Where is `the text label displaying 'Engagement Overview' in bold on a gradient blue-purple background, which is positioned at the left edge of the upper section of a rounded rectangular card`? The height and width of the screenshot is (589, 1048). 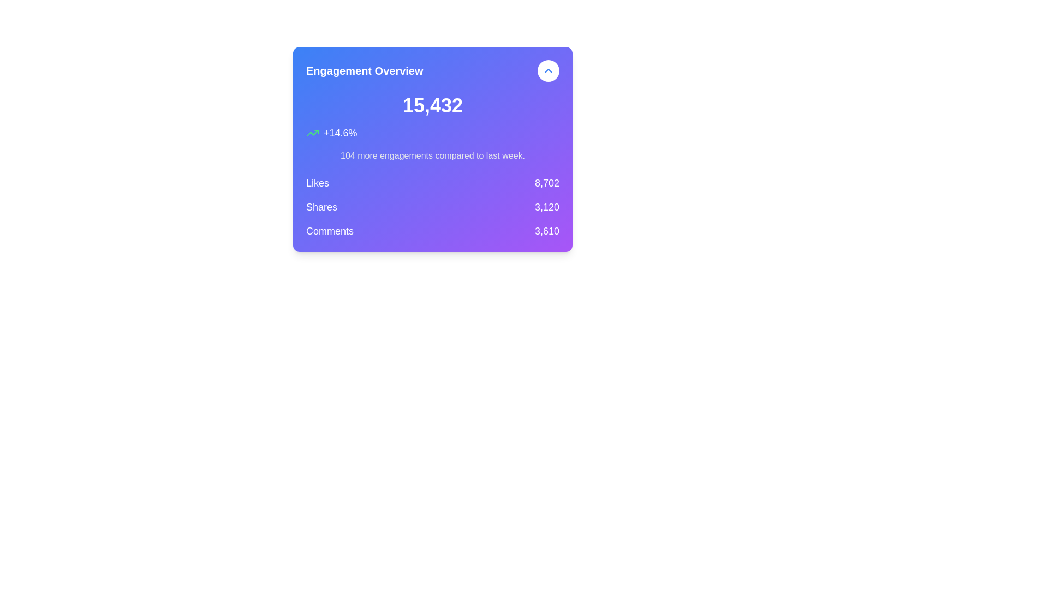
the text label displaying 'Engagement Overview' in bold on a gradient blue-purple background, which is positioned at the left edge of the upper section of a rounded rectangular card is located at coordinates (365, 71).